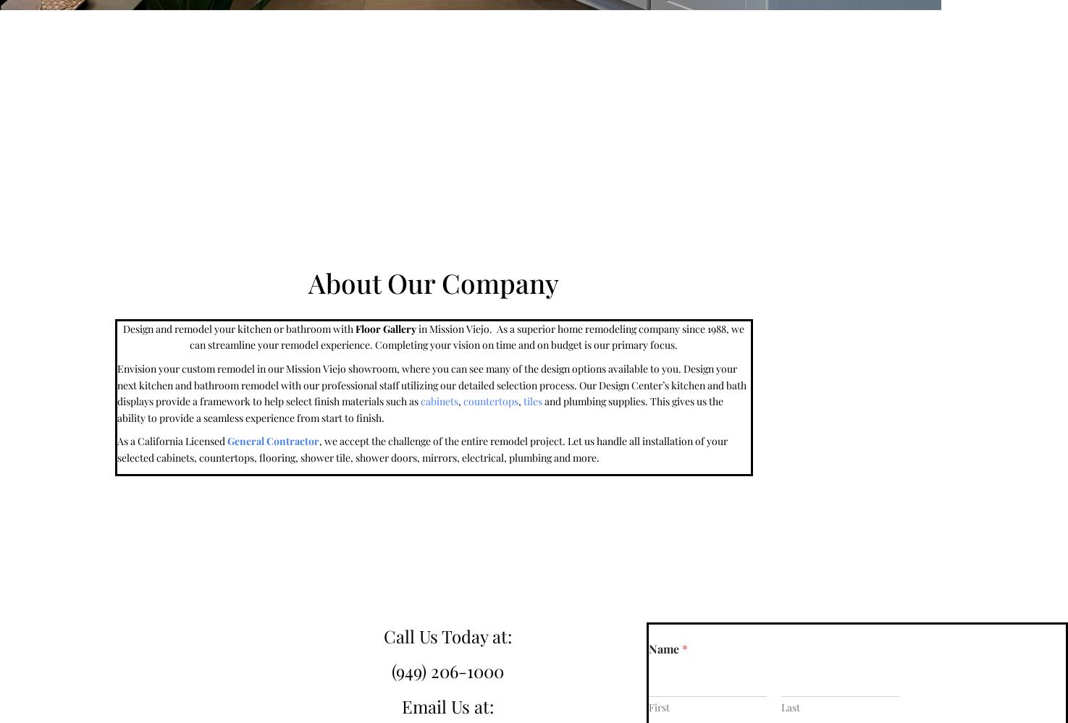 Image resolution: width=1068 pixels, height=723 pixels. Describe the element at coordinates (657, 706) in the screenshot. I see `'First'` at that location.